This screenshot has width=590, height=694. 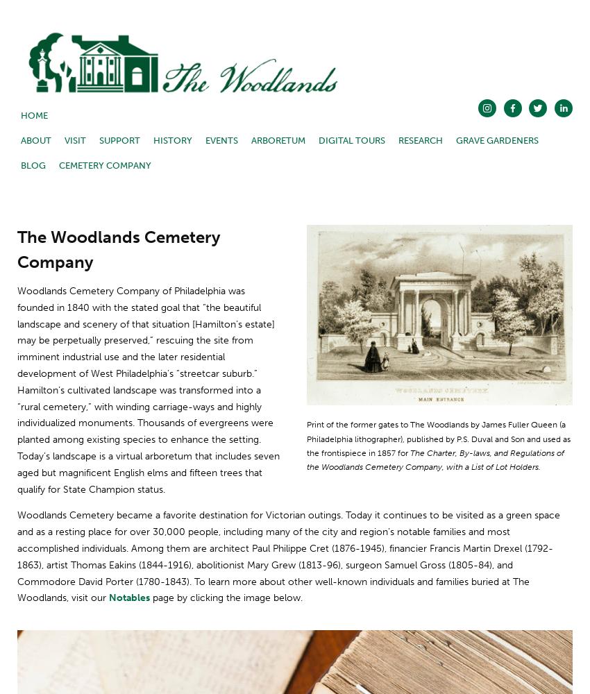 What do you see at coordinates (436, 459) in the screenshot?
I see `'The Charter, By-laws, and Regulations of the Woodlands Cemetery Company, with a List of Lot Holders.'` at bounding box center [436, 459].